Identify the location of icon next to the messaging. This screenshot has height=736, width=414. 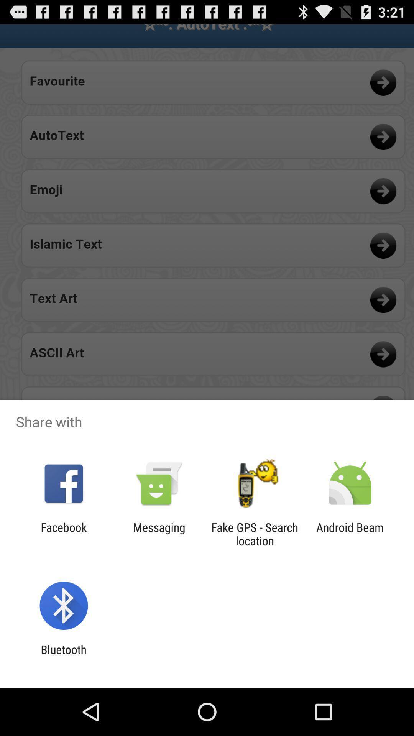
(255, 534).